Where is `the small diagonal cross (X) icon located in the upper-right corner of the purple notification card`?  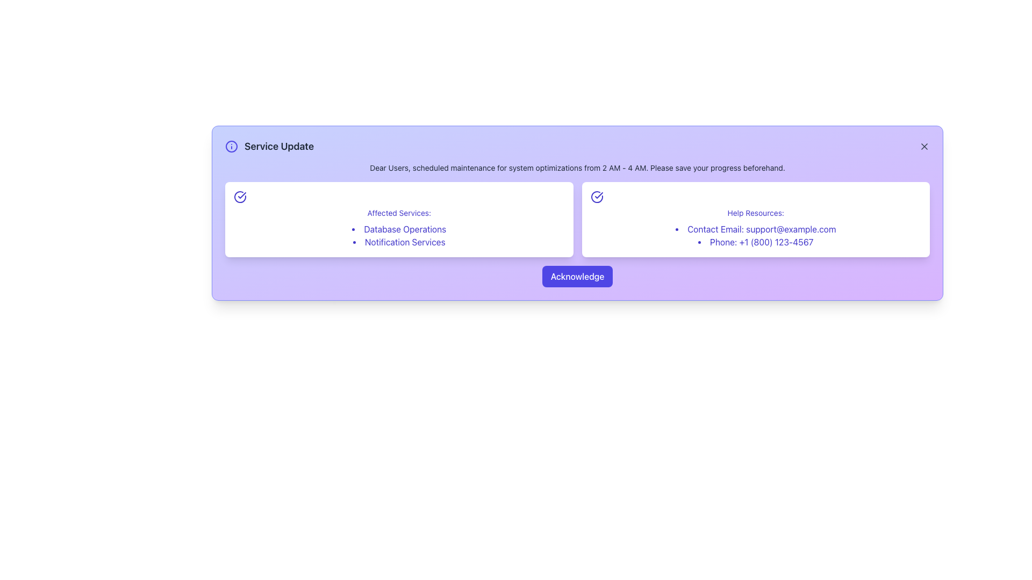 the small diagonal cross (X) icon located in the upper-right corner of the purple notification card is located at coordinates (923, 147).